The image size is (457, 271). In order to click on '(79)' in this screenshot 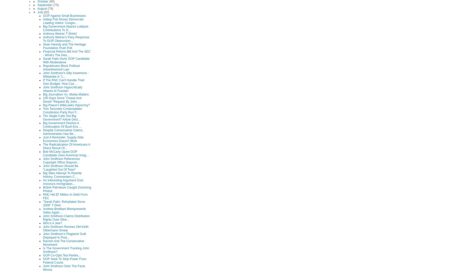, I will do `click(50, 8)`.